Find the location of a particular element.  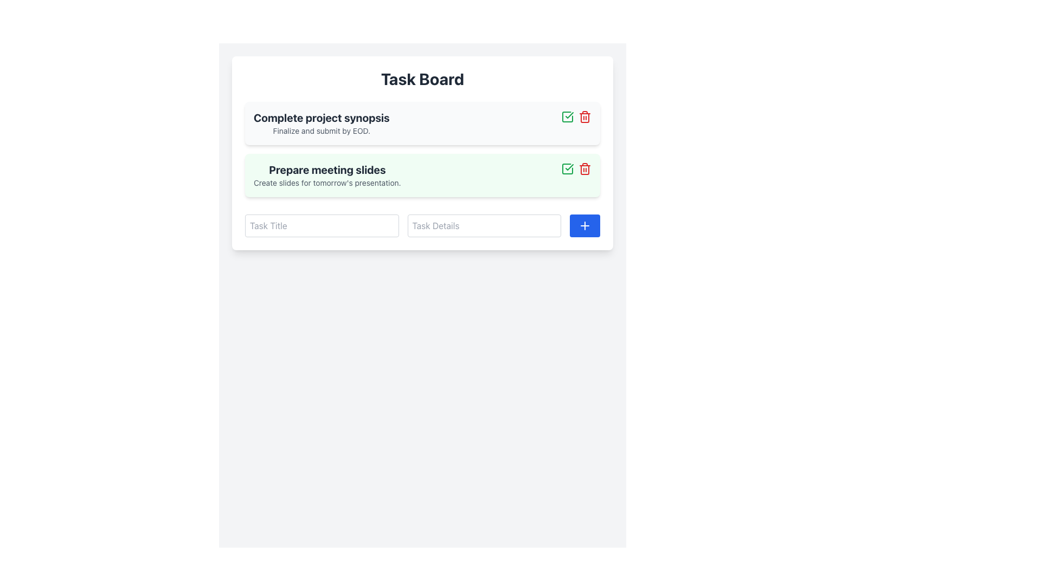

the green square icon with a checkmark inside, located in the task item labeled 'Prepare meeting slides' is located at coordinates (567, 169).